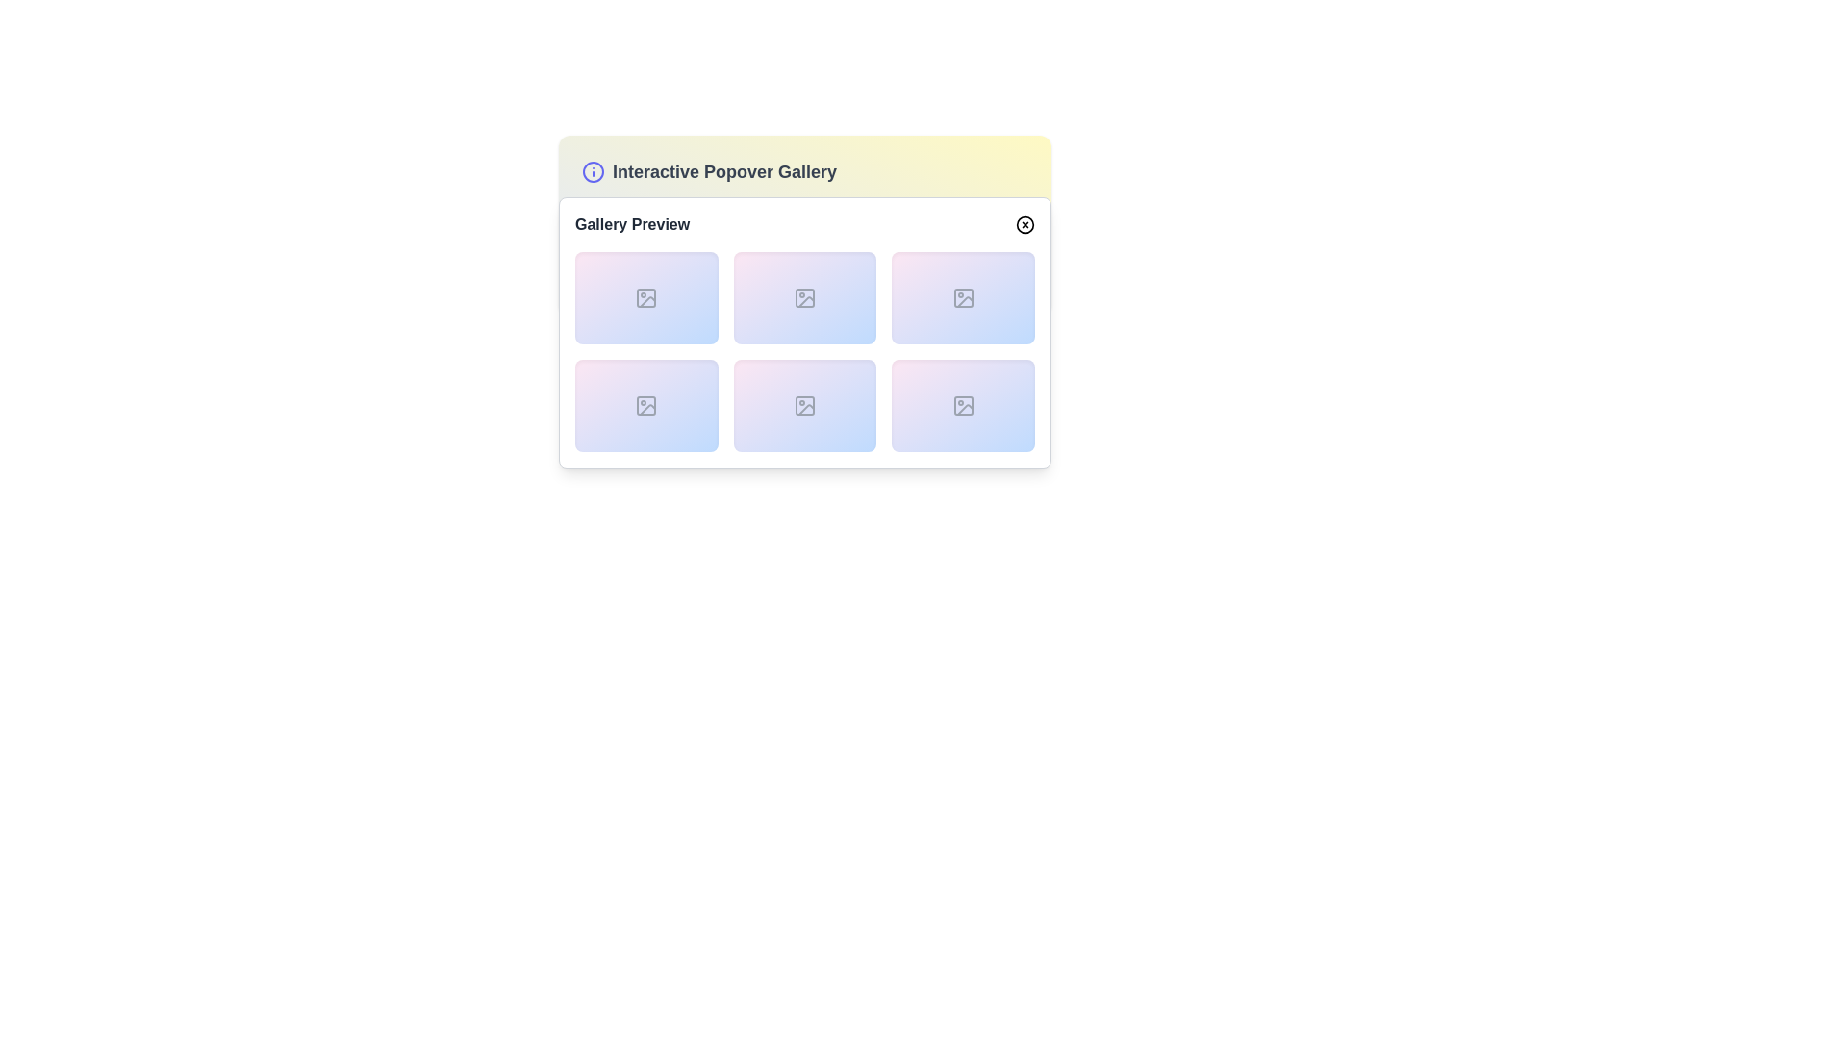 The height and width of the screenshot is (1039, 1847). I want to click on the circular shape that is part of the SVG icon located to the left of the title 'Interactive Popover Gallery', so click(593, 170).